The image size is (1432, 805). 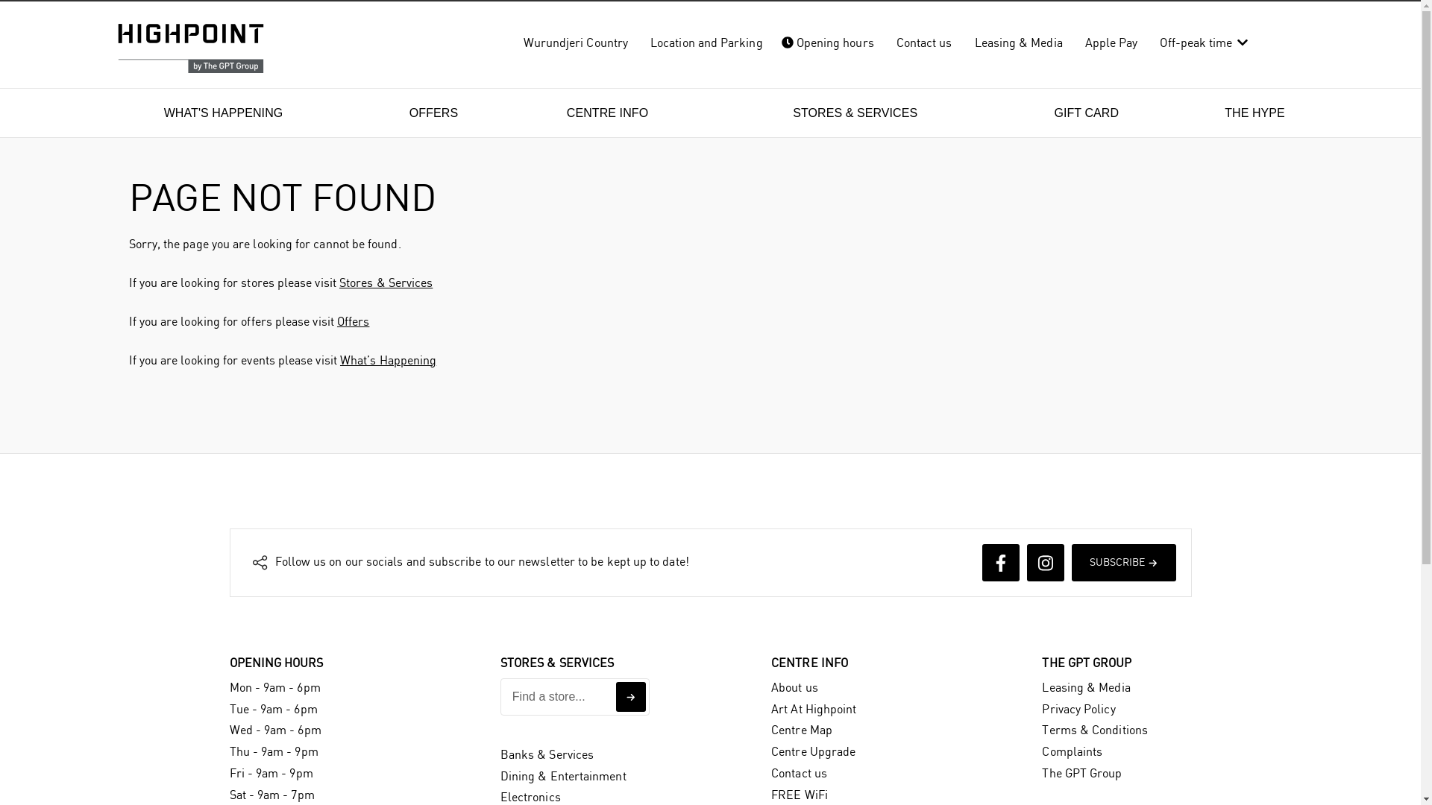 What do you see at coordinates (770, 752) in the screenshot?
I see `'Centre Upgrade'` at bounding box center [770, 752].